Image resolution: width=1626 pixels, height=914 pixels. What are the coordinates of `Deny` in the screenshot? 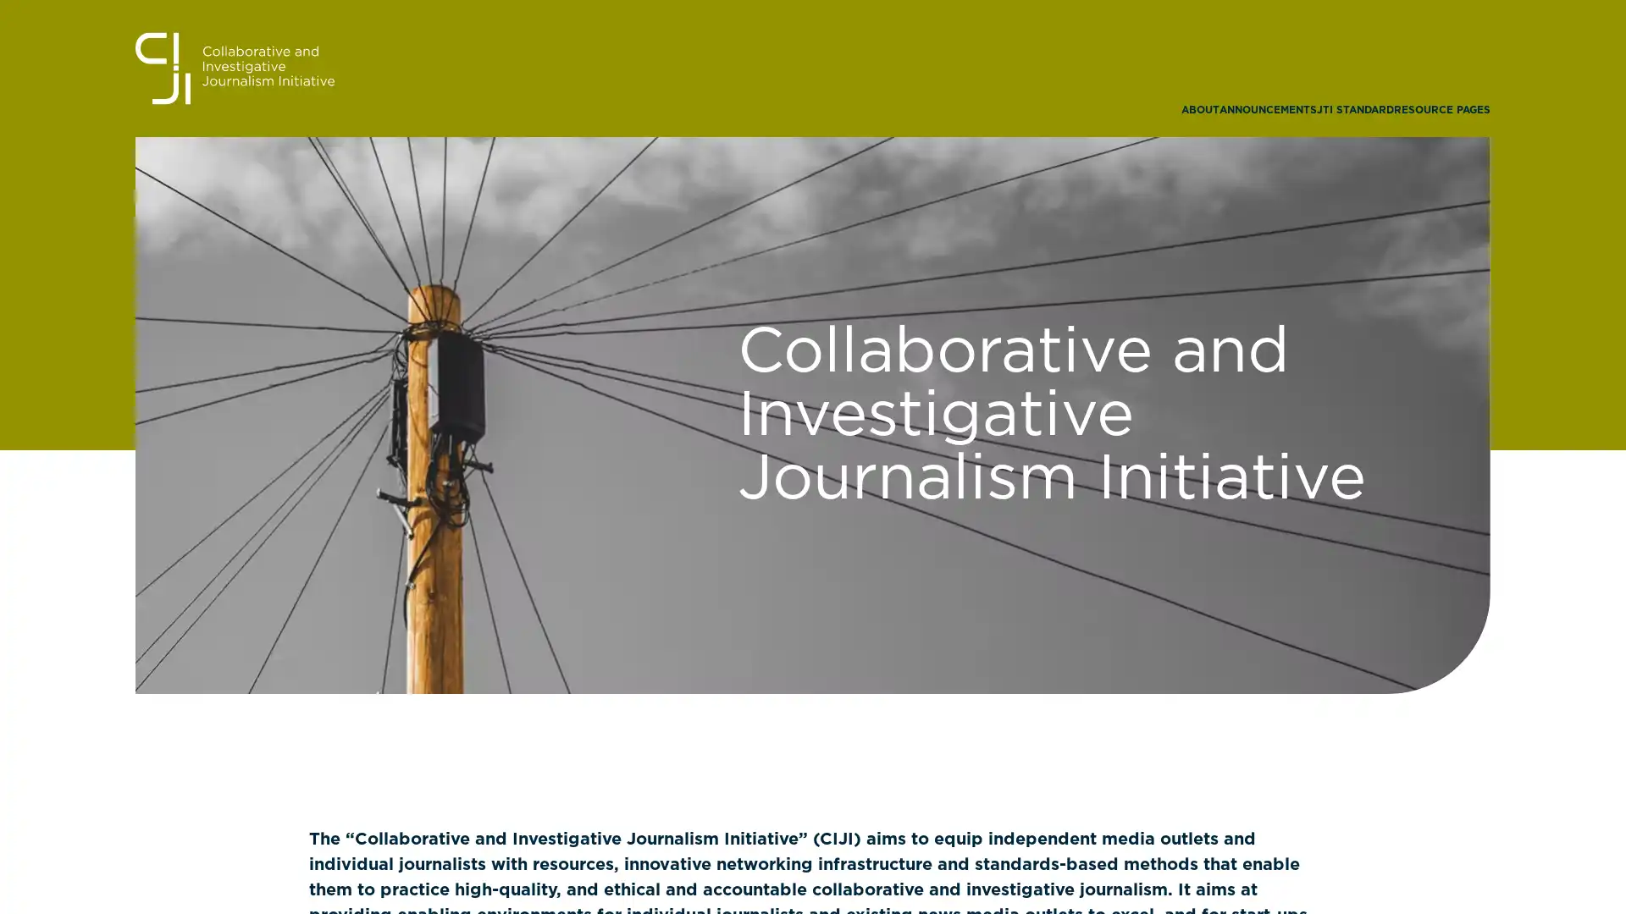 It's located at (811, 574).